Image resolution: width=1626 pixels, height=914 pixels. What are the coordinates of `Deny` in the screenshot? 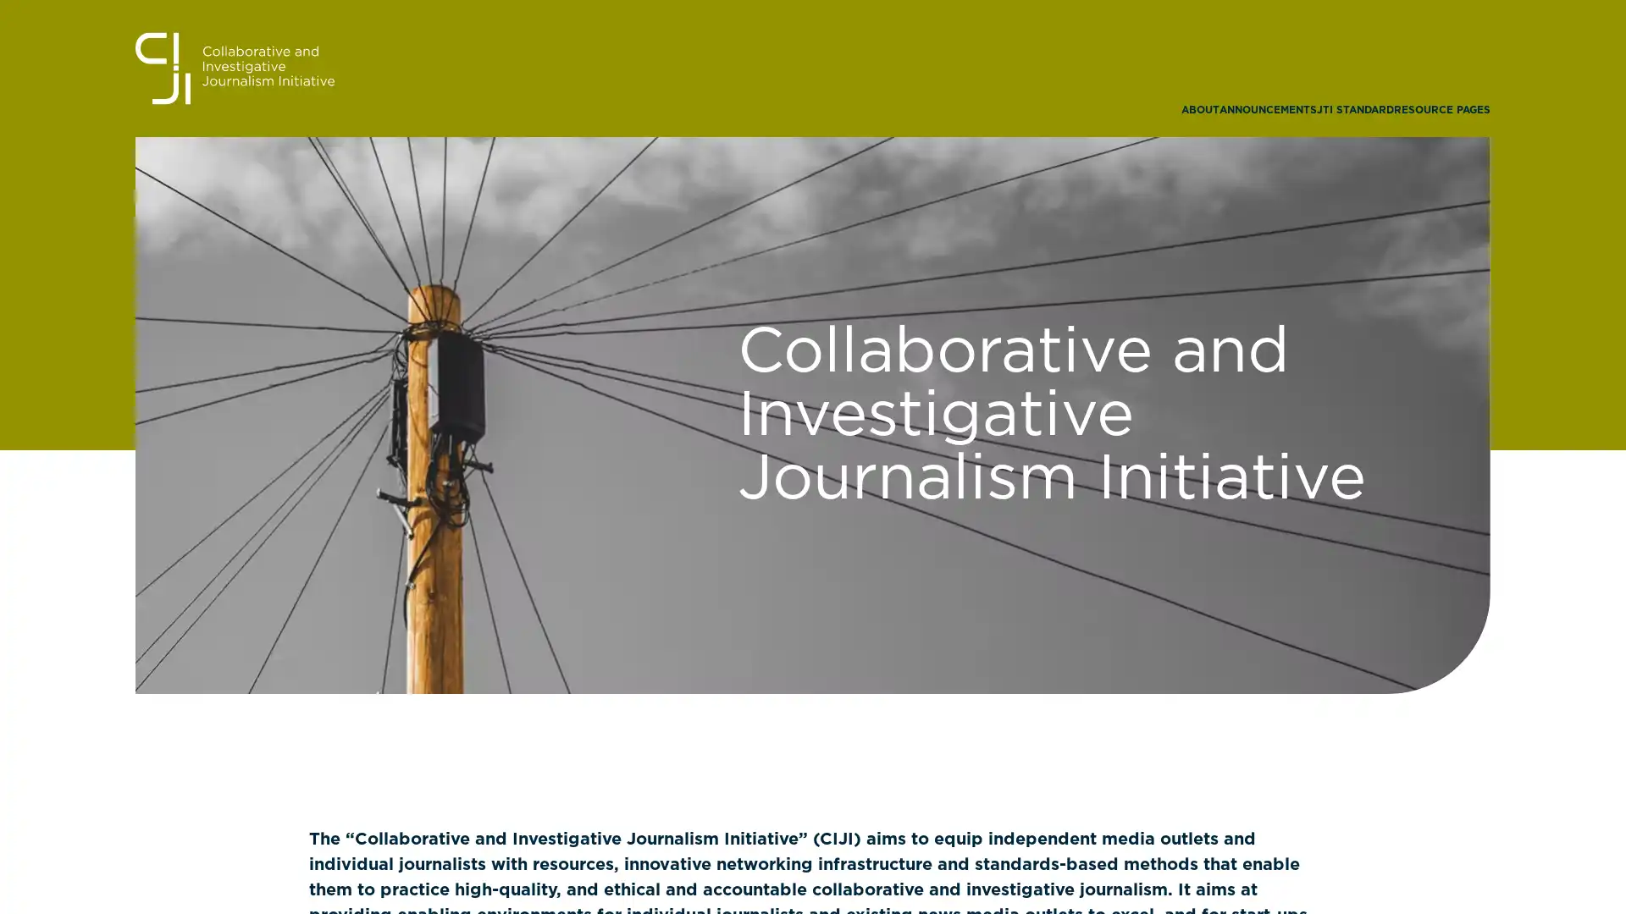 It's located at (811, 574).